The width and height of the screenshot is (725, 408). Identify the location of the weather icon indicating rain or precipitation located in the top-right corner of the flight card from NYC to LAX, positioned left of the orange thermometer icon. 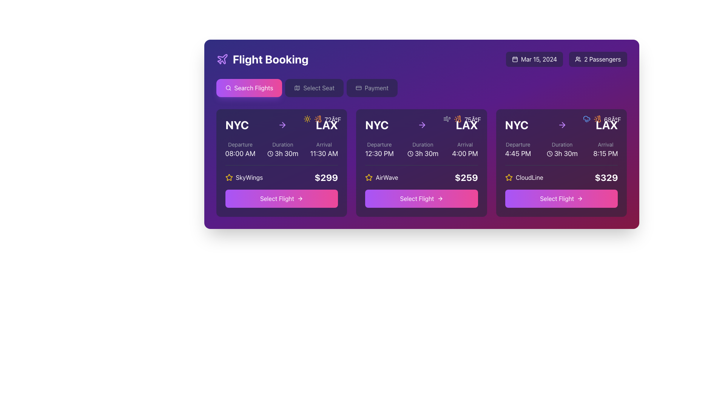
(586, 119).